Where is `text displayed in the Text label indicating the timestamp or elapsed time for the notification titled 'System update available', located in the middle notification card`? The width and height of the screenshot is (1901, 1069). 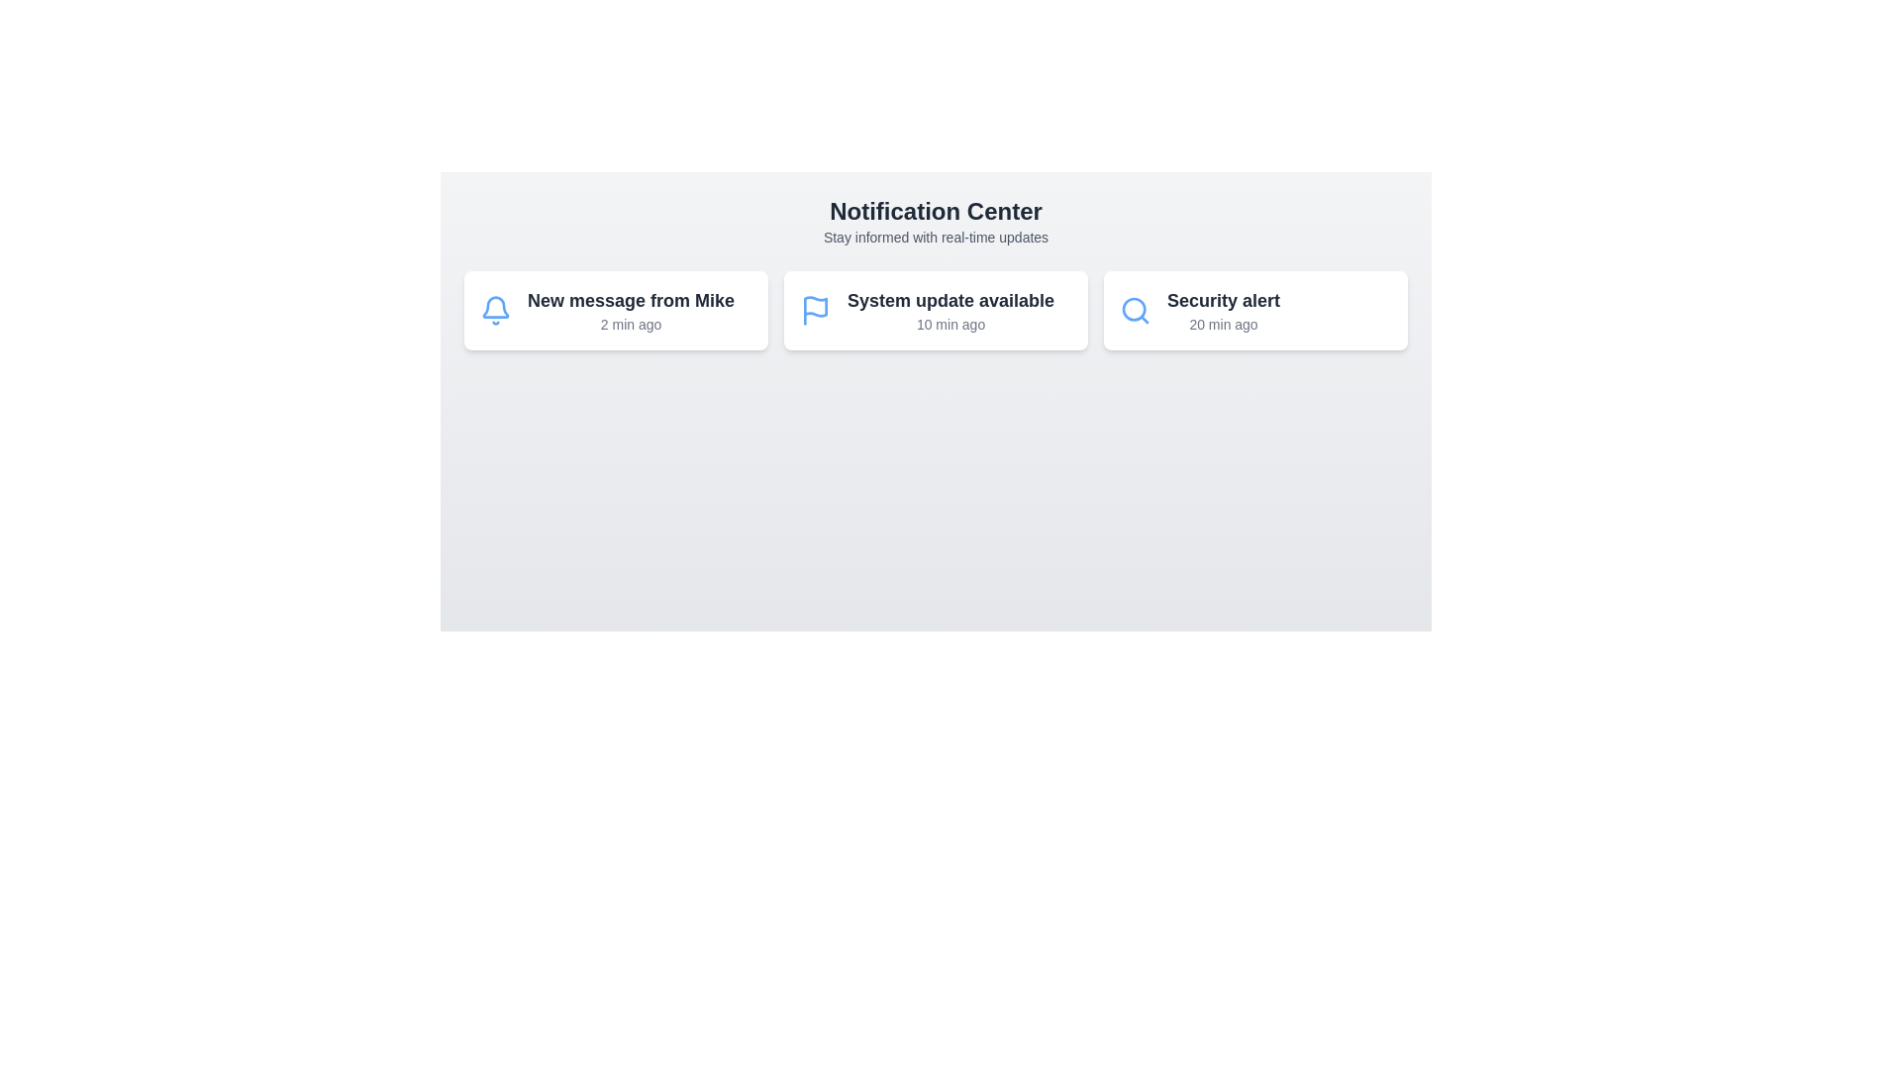
text displayed in the Text label indicating the timestamp or elapsed time for the notification titled 'System update available', located in the middle notification card is located at coordinates (950, 323).